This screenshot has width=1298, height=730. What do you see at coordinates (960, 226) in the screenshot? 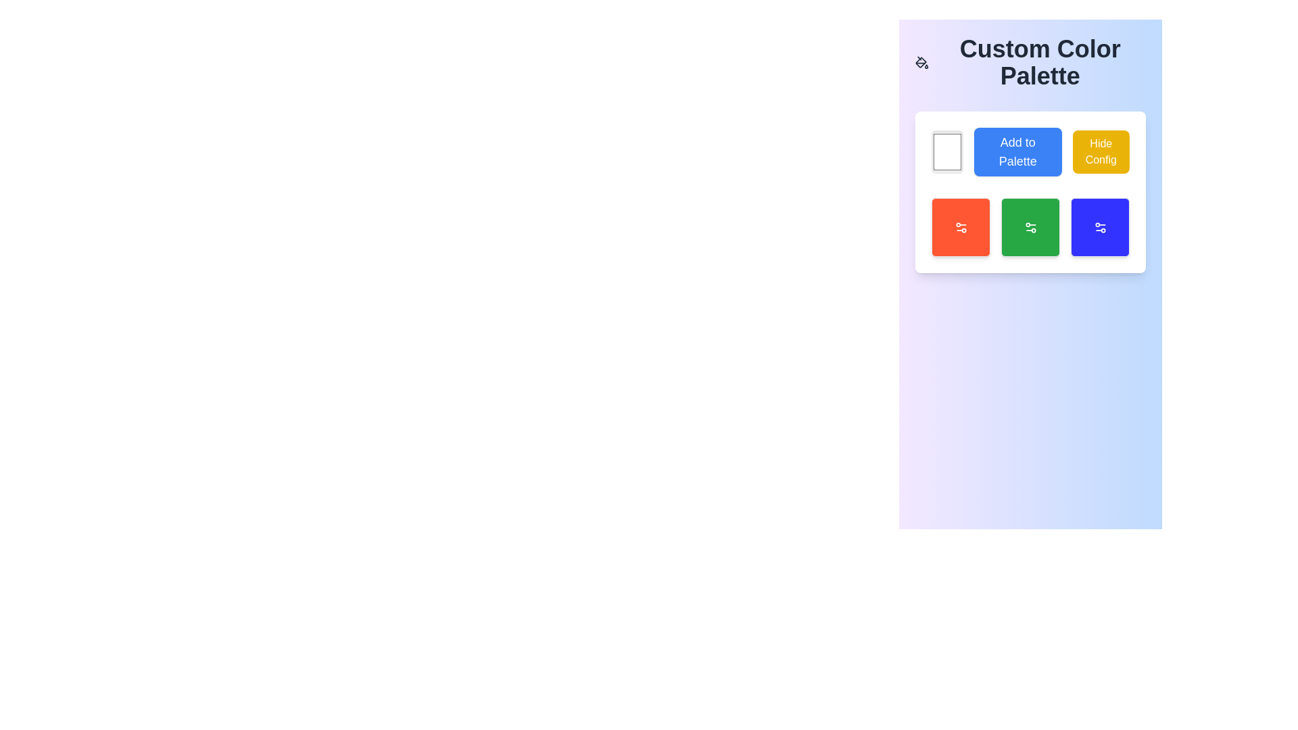
I see `the square control button with rounded corners and a bright red background featuring a white settings icon, located in the first item of the second row of a grid layout` at bounding box center [960, 226].